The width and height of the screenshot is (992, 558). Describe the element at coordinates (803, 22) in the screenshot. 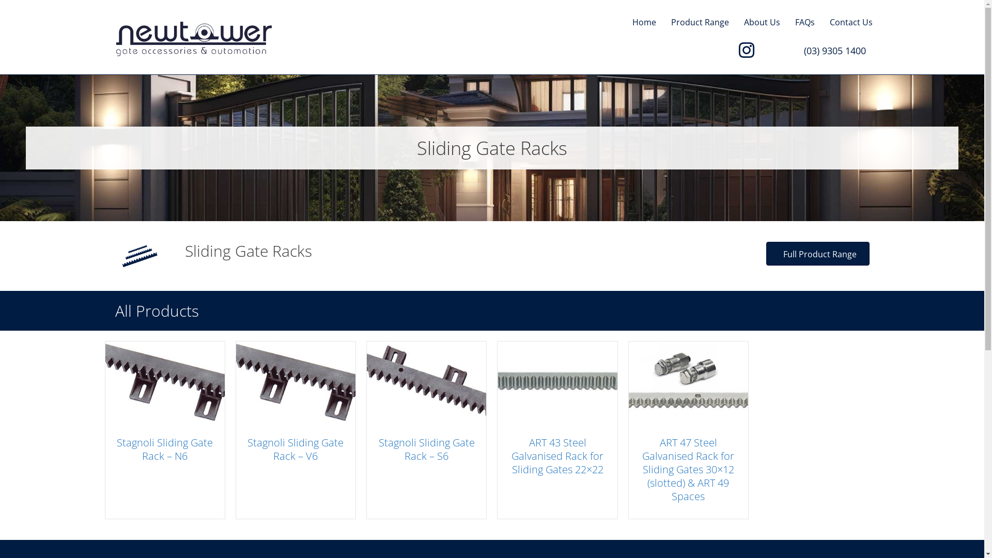

I see `'FAQs'` at that location.